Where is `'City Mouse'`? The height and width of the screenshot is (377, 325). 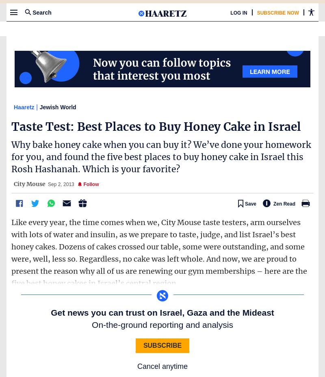
'City Mouse' is located at coordinates (13, 184).